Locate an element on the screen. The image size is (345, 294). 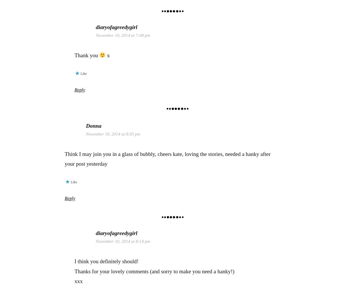
'Think I may join you in a glass of bubbly, cheers kate, loving the stories, needed a hanky after your post yesterday' is located at coordinates (167, 159).